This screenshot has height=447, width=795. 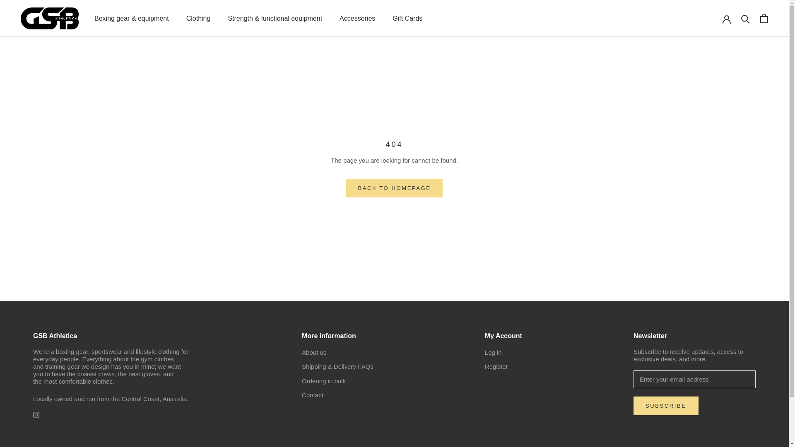 I want to click on 'Ordering in bulk', so click(x=337, y=381).